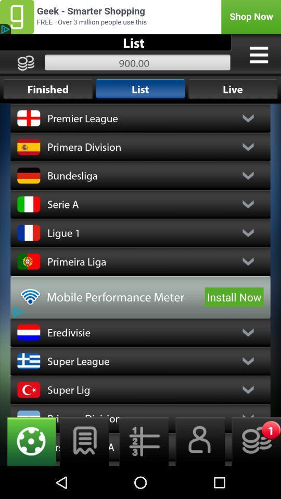 The width and height of the screenshot is (281, 499). Describe the element at coordinates (140, 441) in the screenshot. I see `icon above the  fa cup icon` at that location.